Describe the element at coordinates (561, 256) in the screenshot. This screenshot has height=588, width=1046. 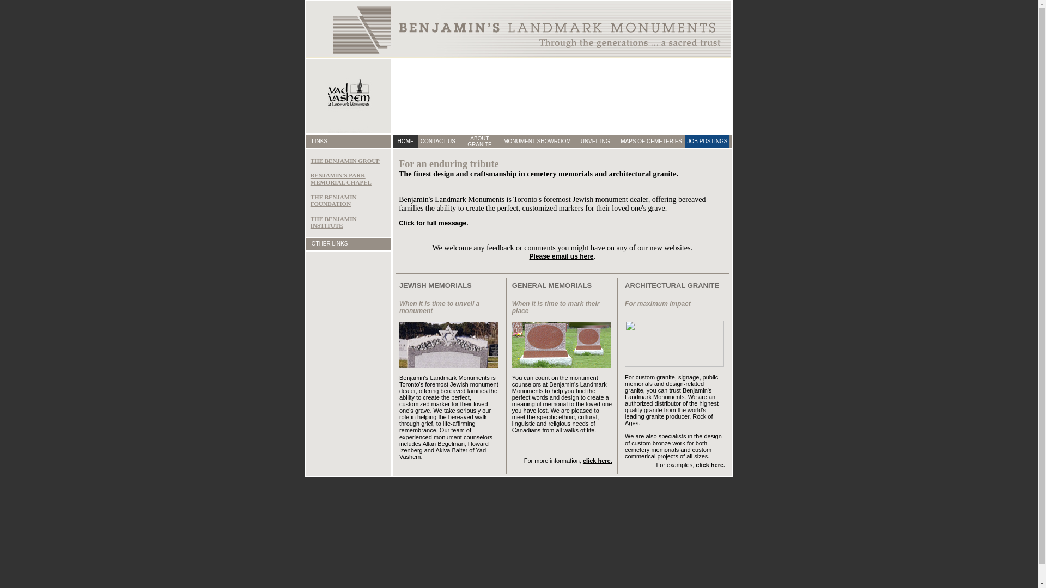
I see `'Please email us here'` at that location.